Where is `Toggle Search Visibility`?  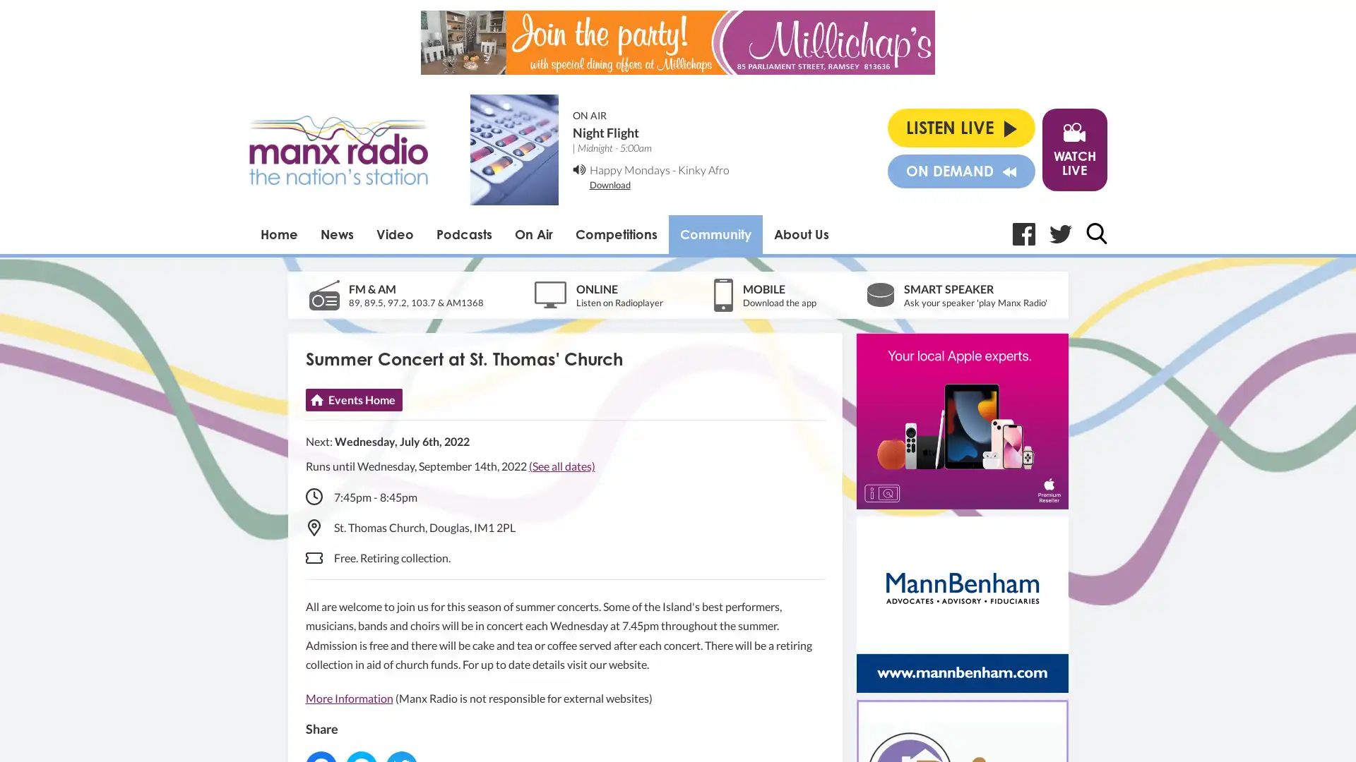 Toggle Search Visibility is located at coordinates (1095, 233).